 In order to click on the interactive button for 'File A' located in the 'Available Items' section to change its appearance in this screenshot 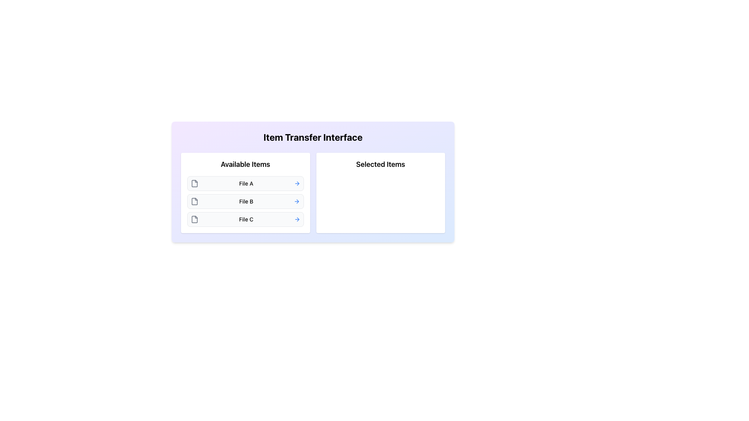, I will do `click(296, 183)`.